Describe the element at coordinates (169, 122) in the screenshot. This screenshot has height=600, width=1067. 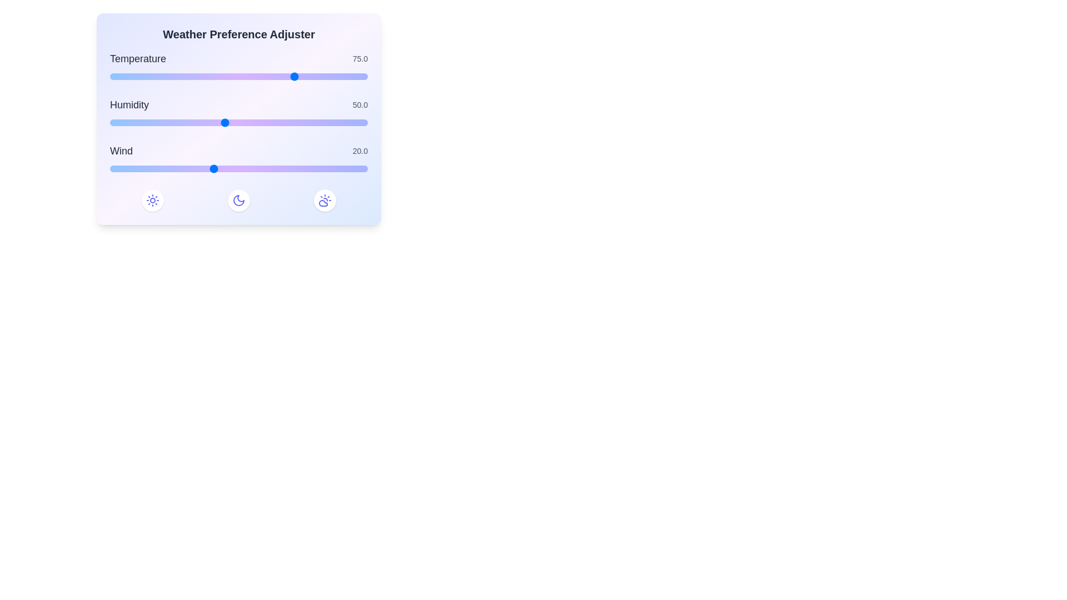
I see `the humidity value` at that location.